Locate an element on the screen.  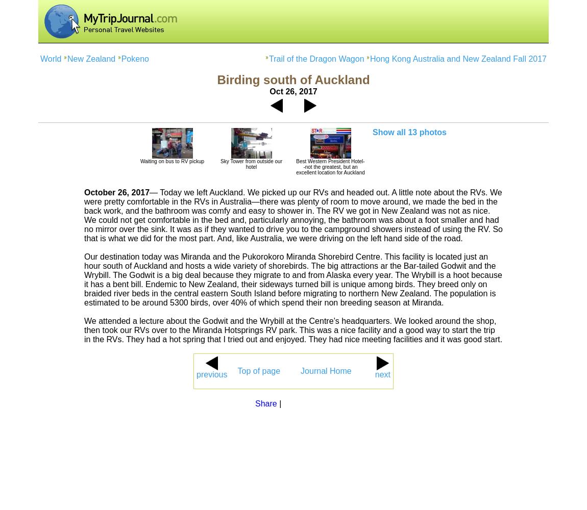
'October 26, 2017' is located at coordinates (116, 192).